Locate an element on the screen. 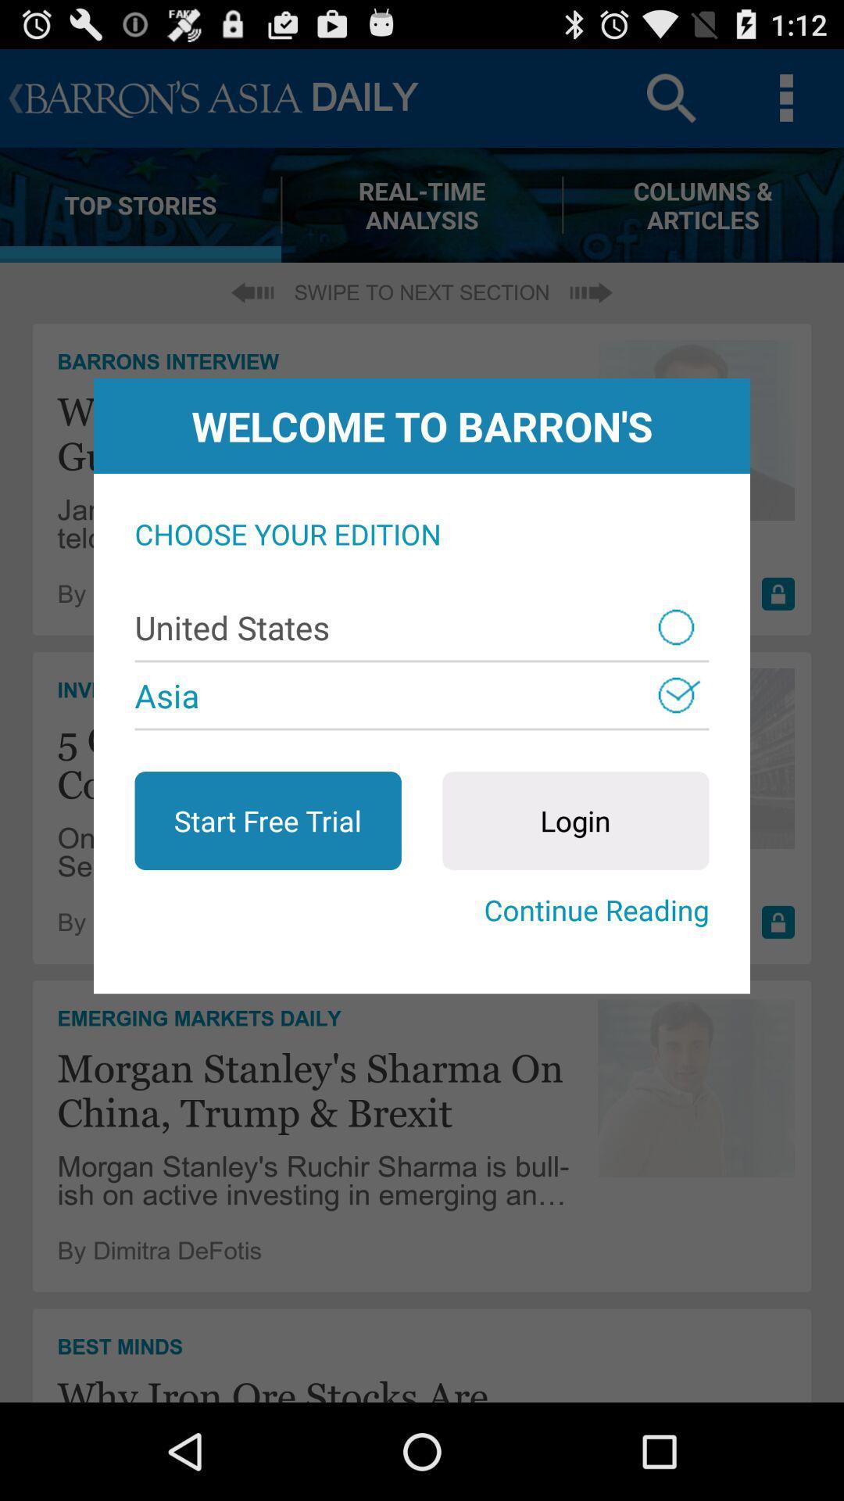 This screenshot has width=844, height=1501. icon to the right of the start free trial button is located at coordinates (575, 820).